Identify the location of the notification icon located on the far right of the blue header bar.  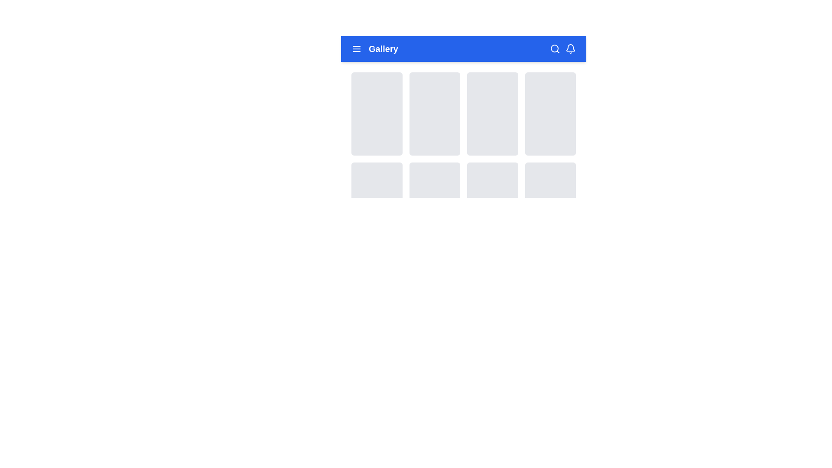
(570, 49).